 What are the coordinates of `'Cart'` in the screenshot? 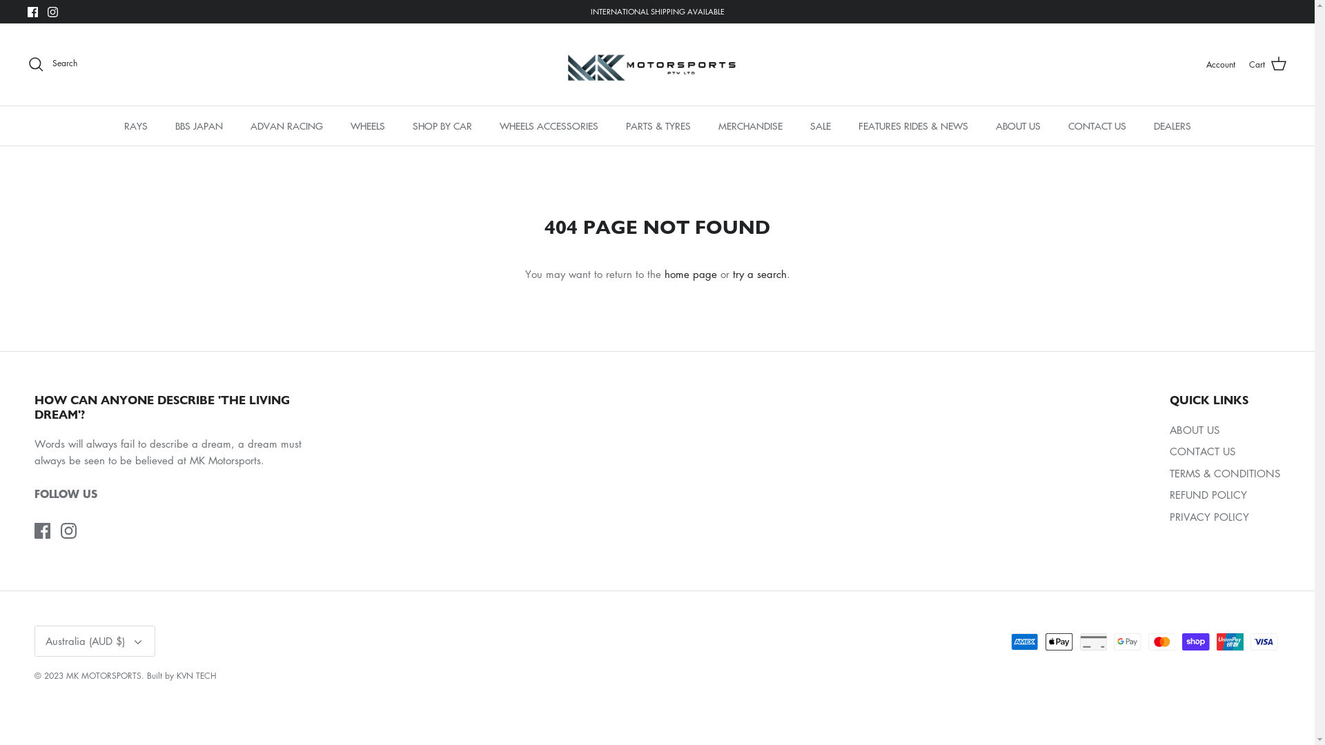 It's located at (1268, 63).